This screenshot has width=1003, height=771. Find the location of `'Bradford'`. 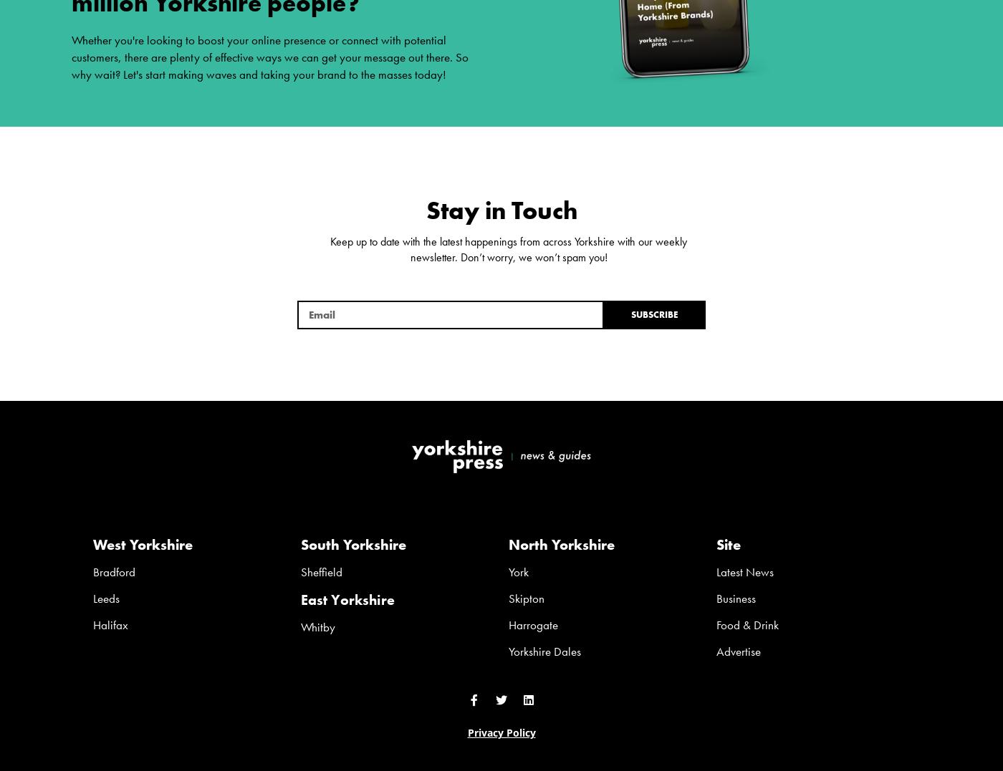

'Bradford' is located at coordinates (114, 571).